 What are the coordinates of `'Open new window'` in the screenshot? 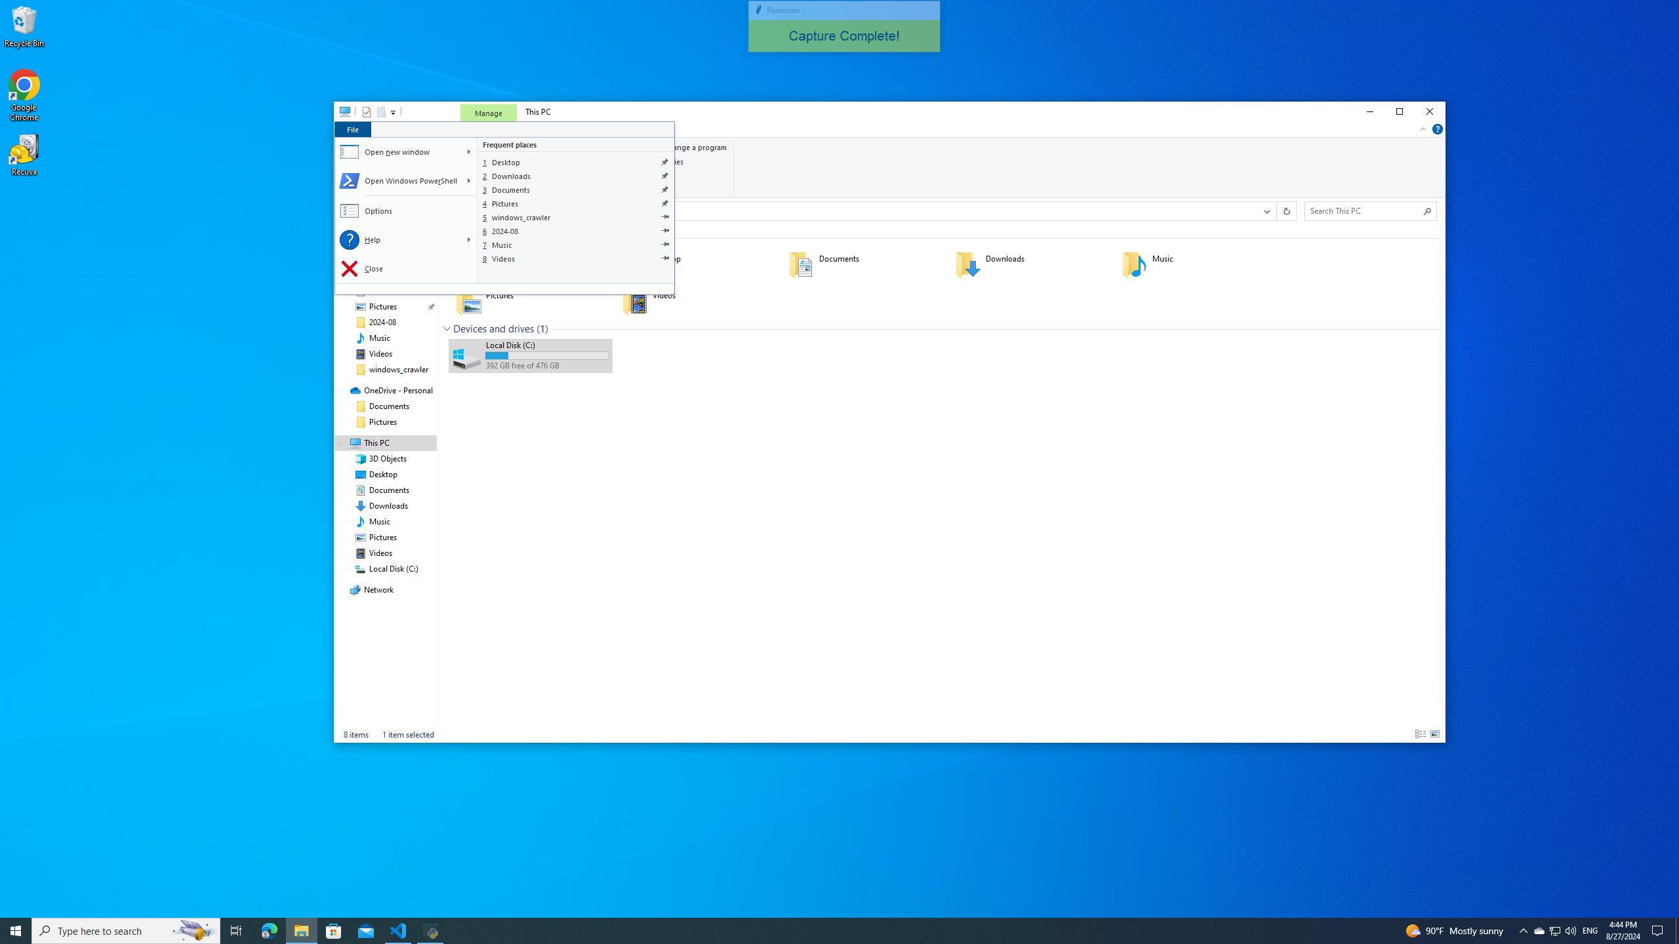 It's located at (398, 151).